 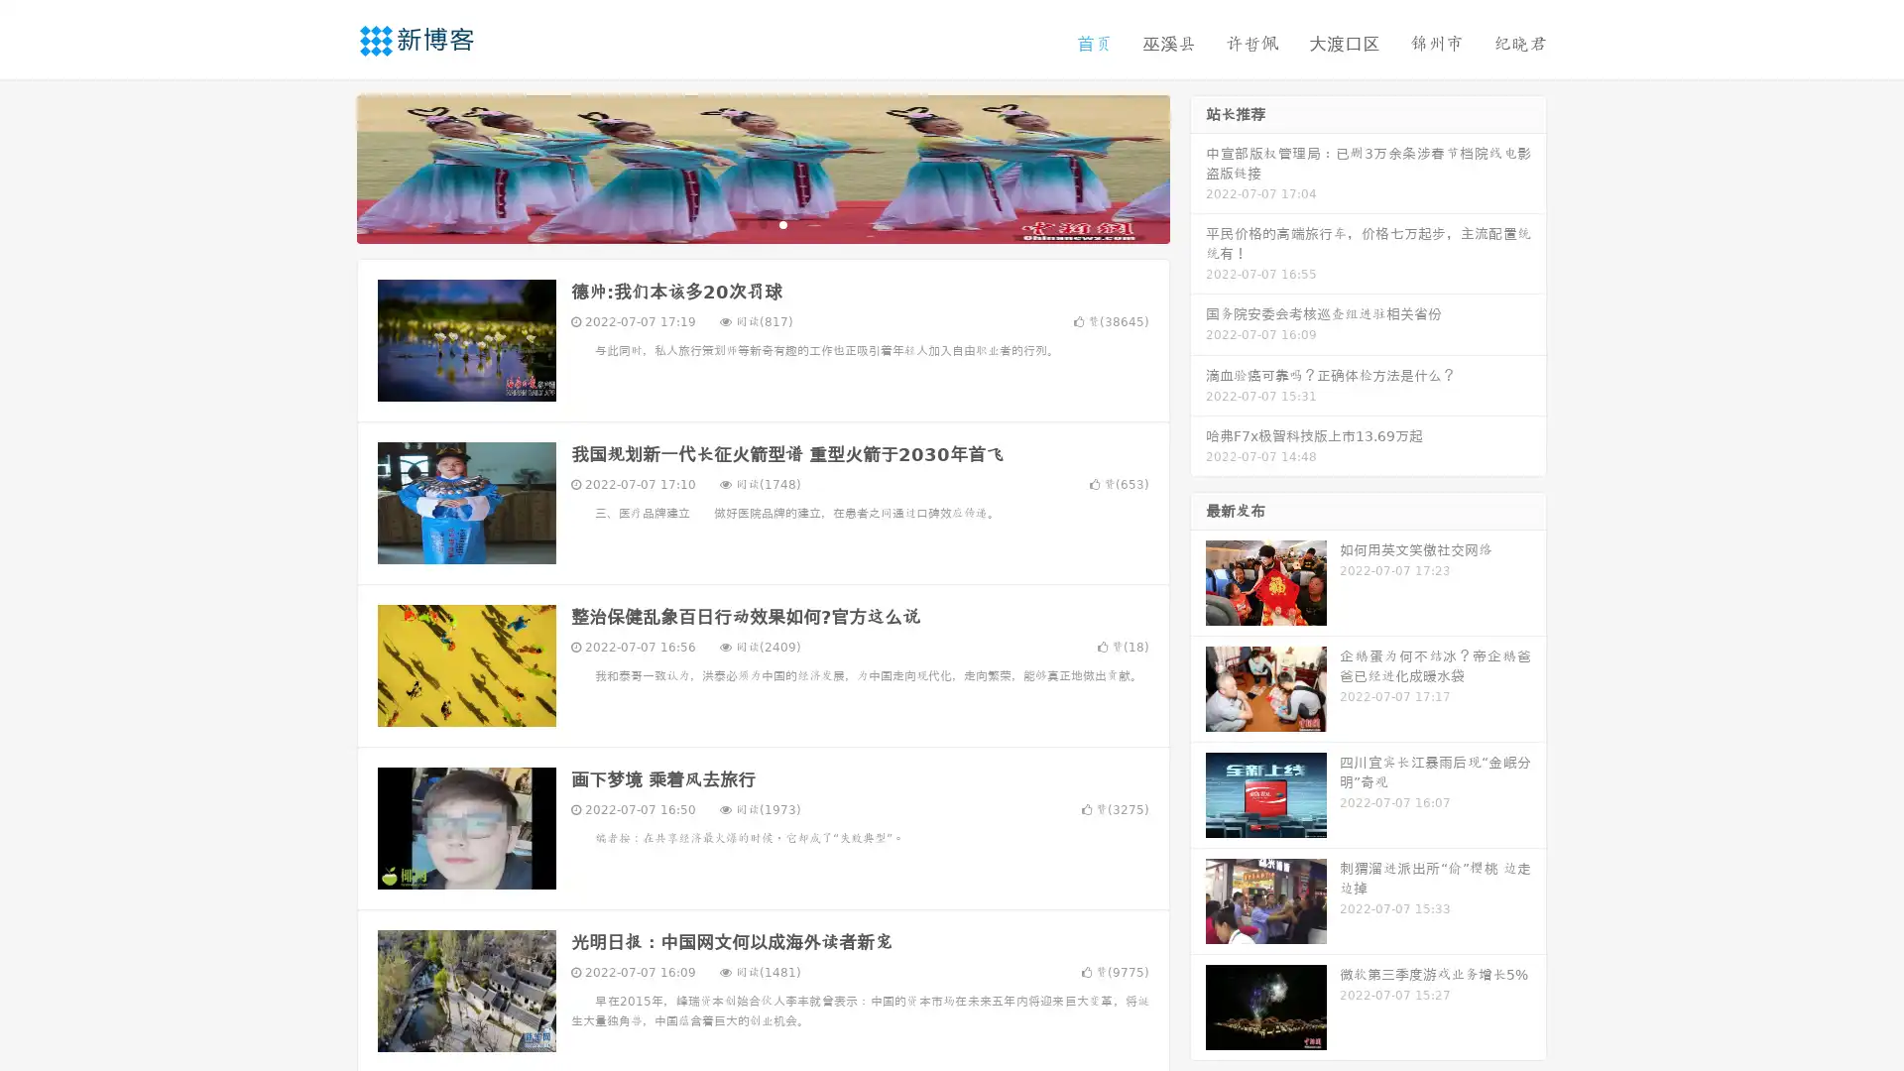 I want to click on Go to slide 3, so click(x=782, y=223).